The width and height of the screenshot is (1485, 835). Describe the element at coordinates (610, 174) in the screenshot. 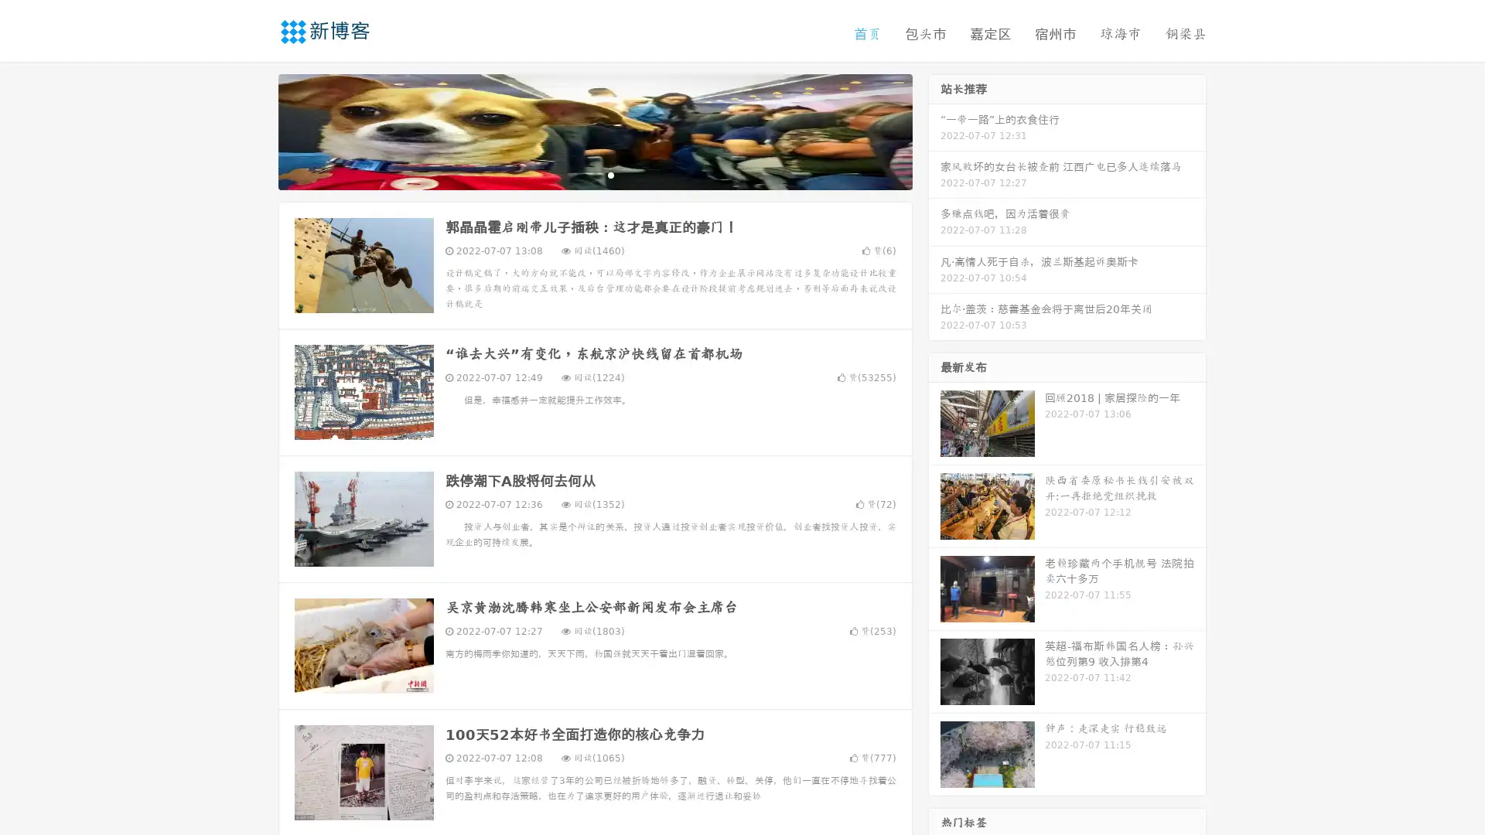

I see `Go to slide 3` at that location.